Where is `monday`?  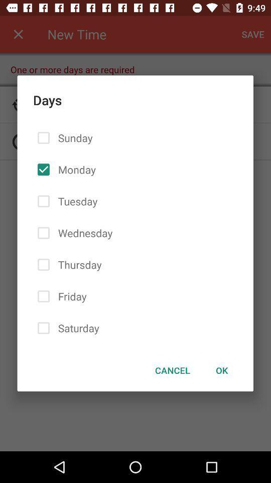
monday is located at coordinates (74, 170).